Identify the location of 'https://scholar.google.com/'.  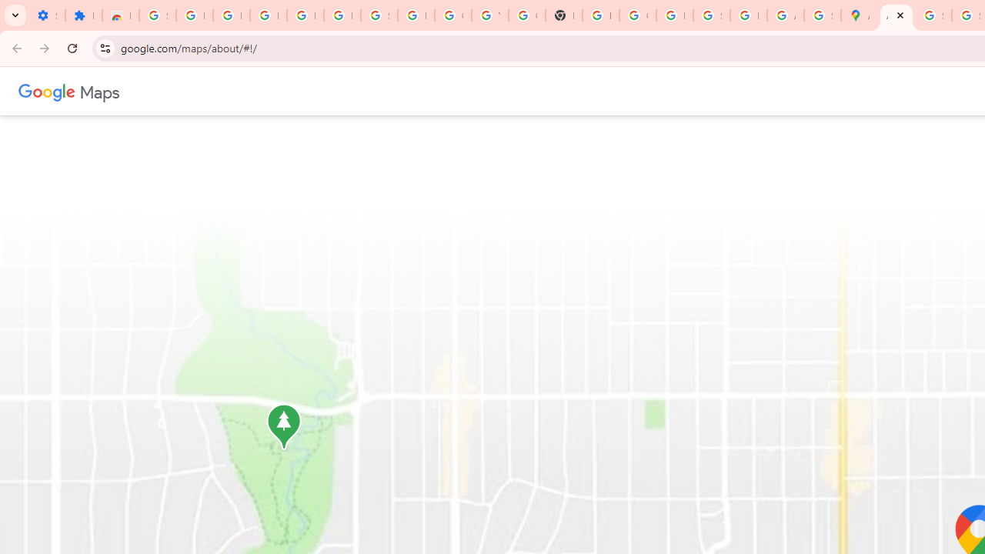
(599, 15).